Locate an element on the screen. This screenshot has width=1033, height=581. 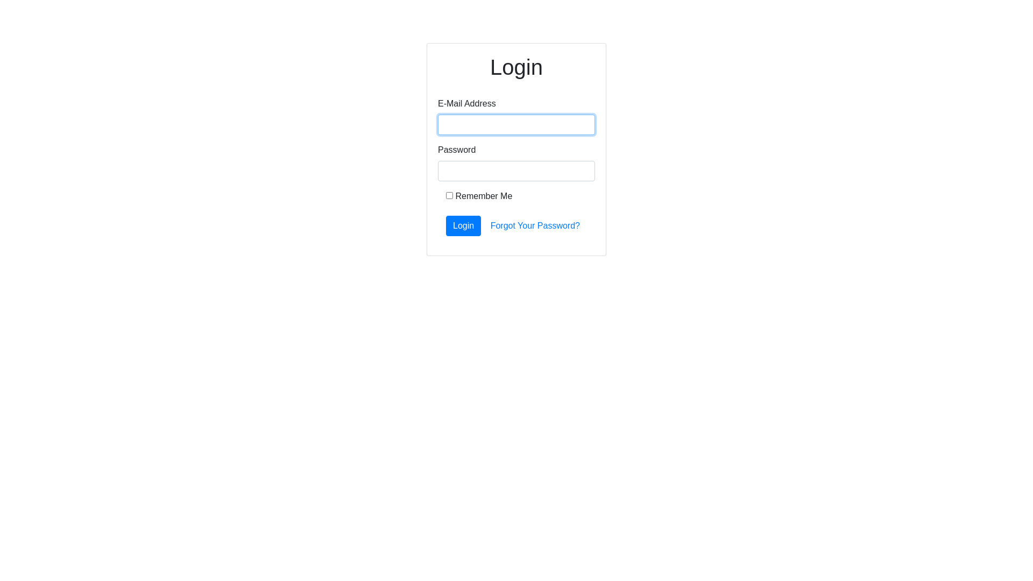
'Forgot Your Password?' is located at coordinates (535, 225).